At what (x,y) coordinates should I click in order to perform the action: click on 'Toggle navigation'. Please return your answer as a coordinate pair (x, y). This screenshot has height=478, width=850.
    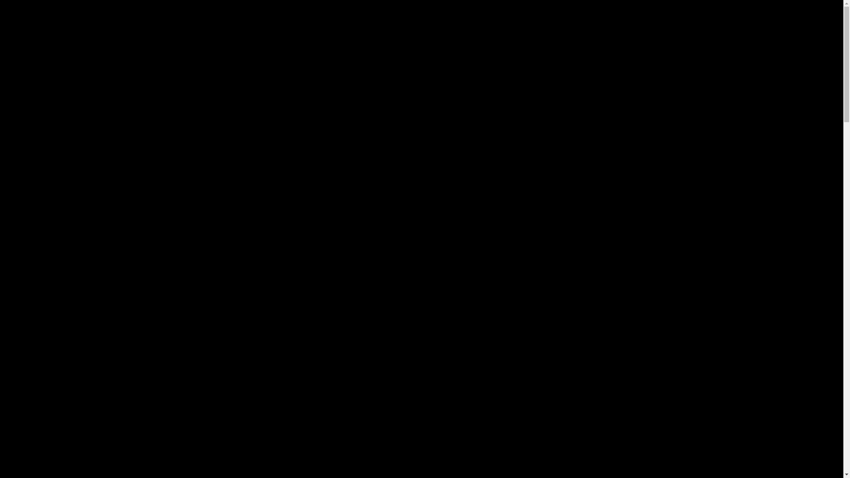
    Looking at the image, I should click on (30, 8).